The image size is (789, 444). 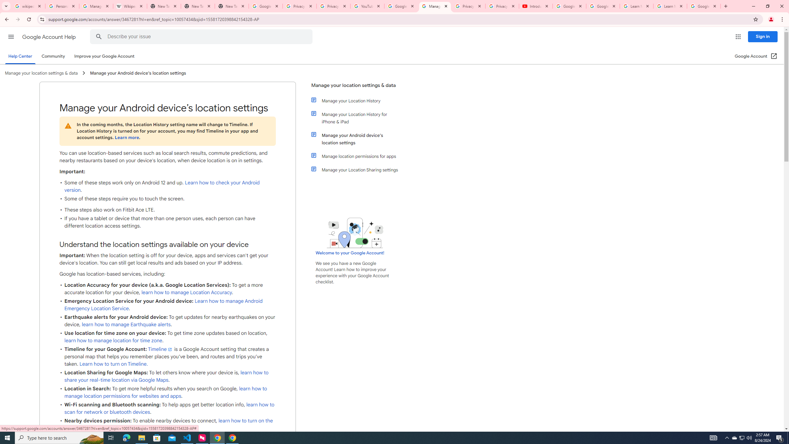 I want to click on 'Manage your location settings & data', so click(x=355, y=88).